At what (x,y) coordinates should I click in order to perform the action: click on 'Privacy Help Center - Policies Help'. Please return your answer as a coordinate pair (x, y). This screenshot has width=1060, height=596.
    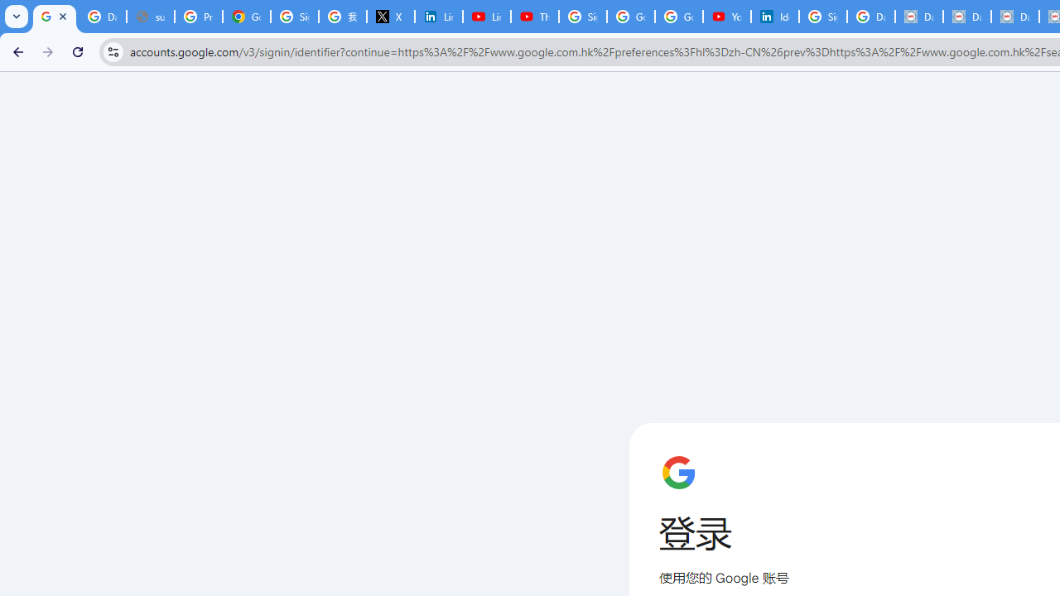
    Looking at the image, I should click on (199, 17).